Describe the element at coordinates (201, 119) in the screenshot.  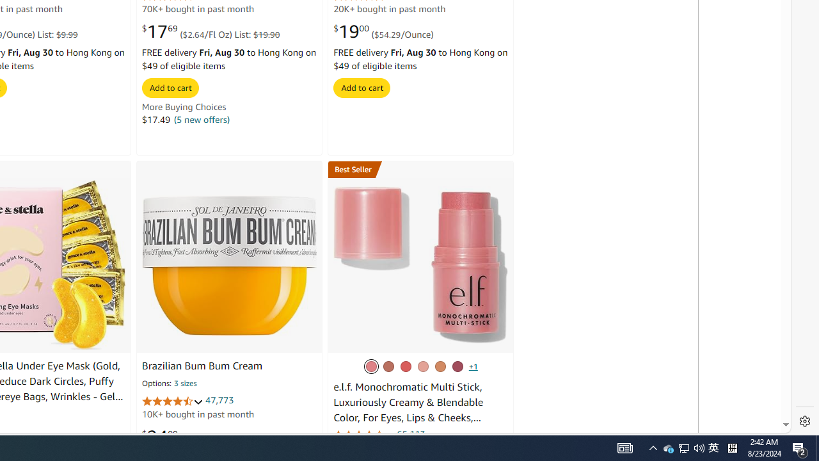
I see `'(5 new offers)'` at that location.